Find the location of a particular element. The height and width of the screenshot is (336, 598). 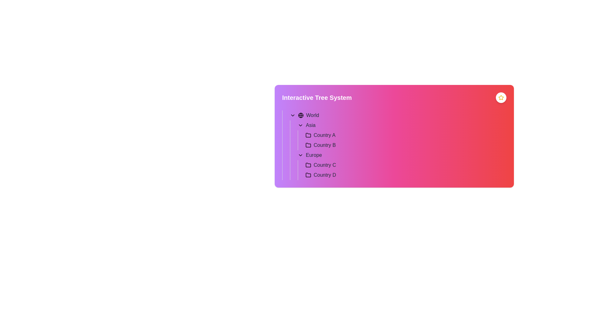

the folder icon representing 'Country C' is located at coordinates (308, 164).